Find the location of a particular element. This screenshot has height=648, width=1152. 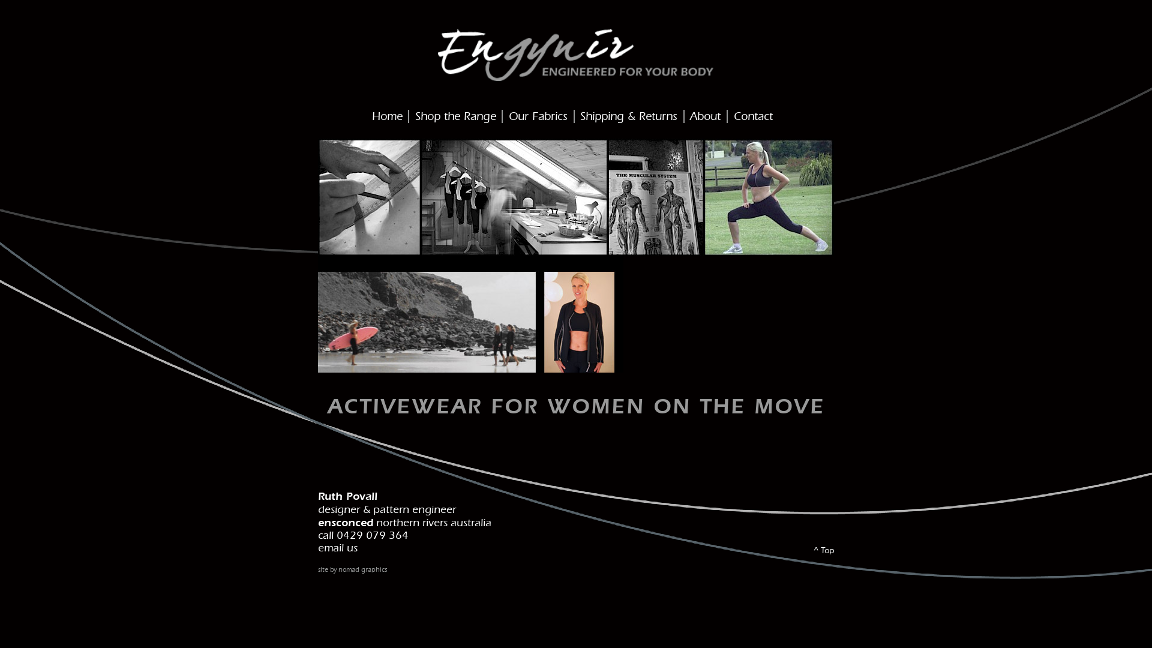

'Our Fabrics' is located at coordinates (538, 117).